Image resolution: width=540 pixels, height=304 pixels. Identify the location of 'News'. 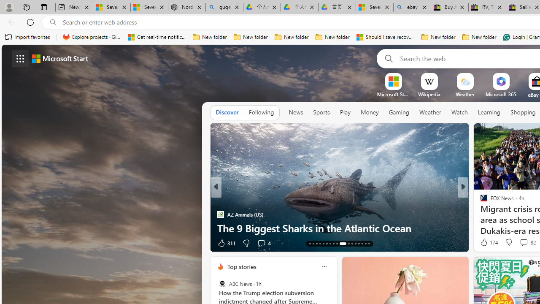
(296, 112).